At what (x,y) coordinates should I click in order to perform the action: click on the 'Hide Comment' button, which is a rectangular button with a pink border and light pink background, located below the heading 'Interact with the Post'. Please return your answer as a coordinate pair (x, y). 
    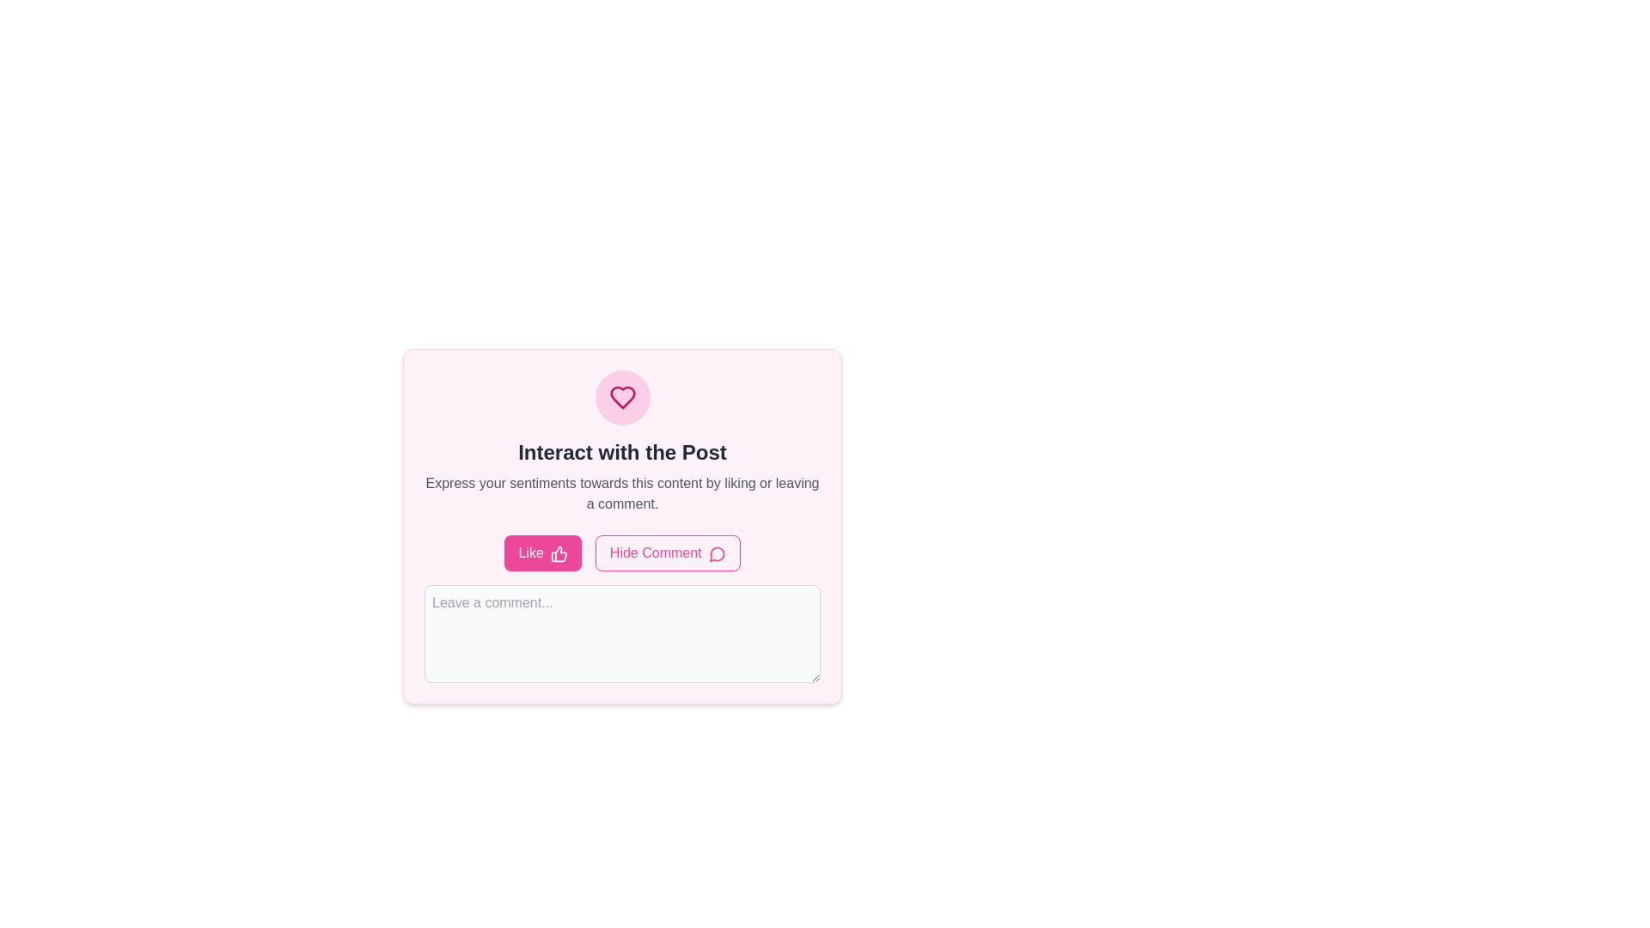
    Looking at the image, I should click on (667, 553).